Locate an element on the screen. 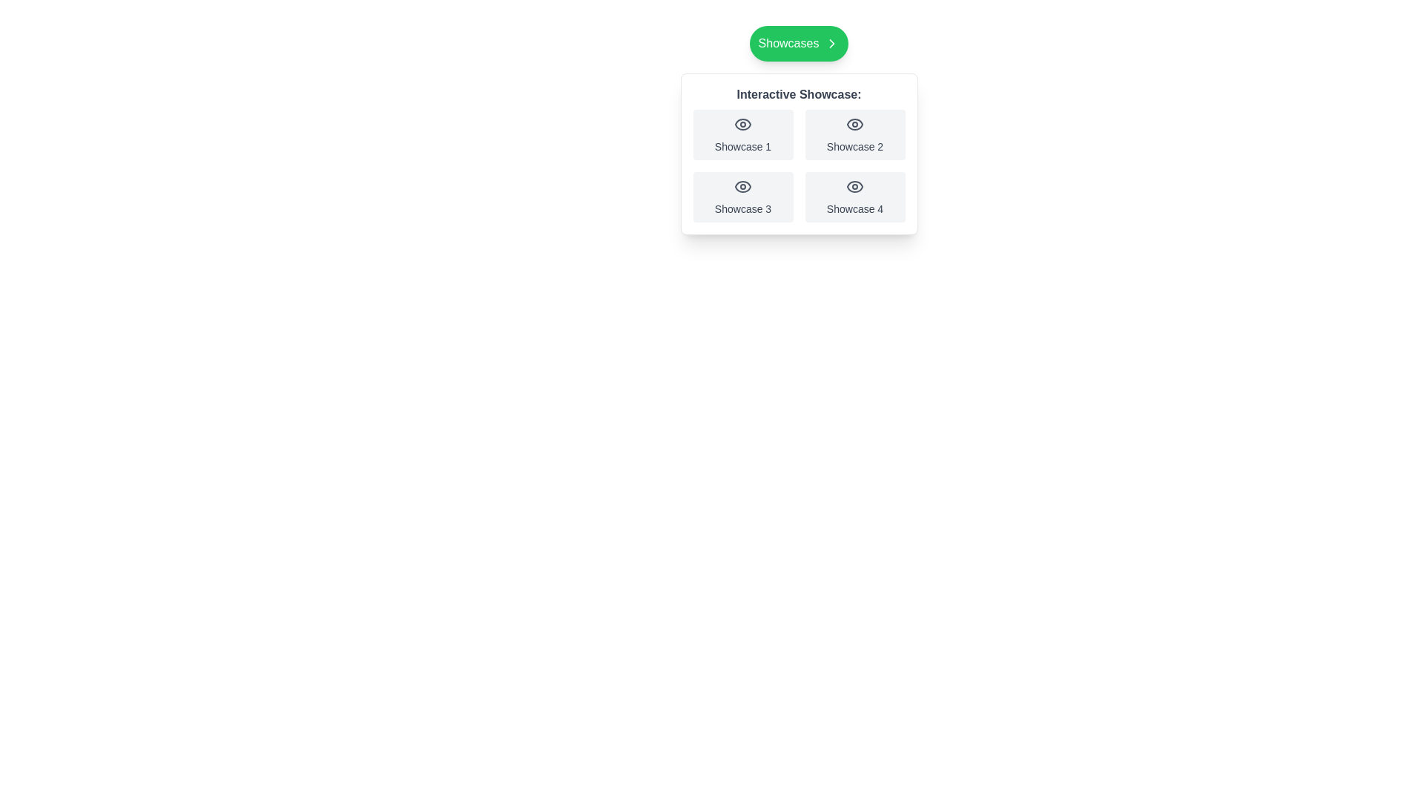 The height and width of the screenshot is (801, 1424). the text label displaying 'Showcase 2', which is styled in a small gray font and positioned beneath an eye icon in the top-right cell of the grid under 'Interactive Showcase' is located at coordinates (854, 146).